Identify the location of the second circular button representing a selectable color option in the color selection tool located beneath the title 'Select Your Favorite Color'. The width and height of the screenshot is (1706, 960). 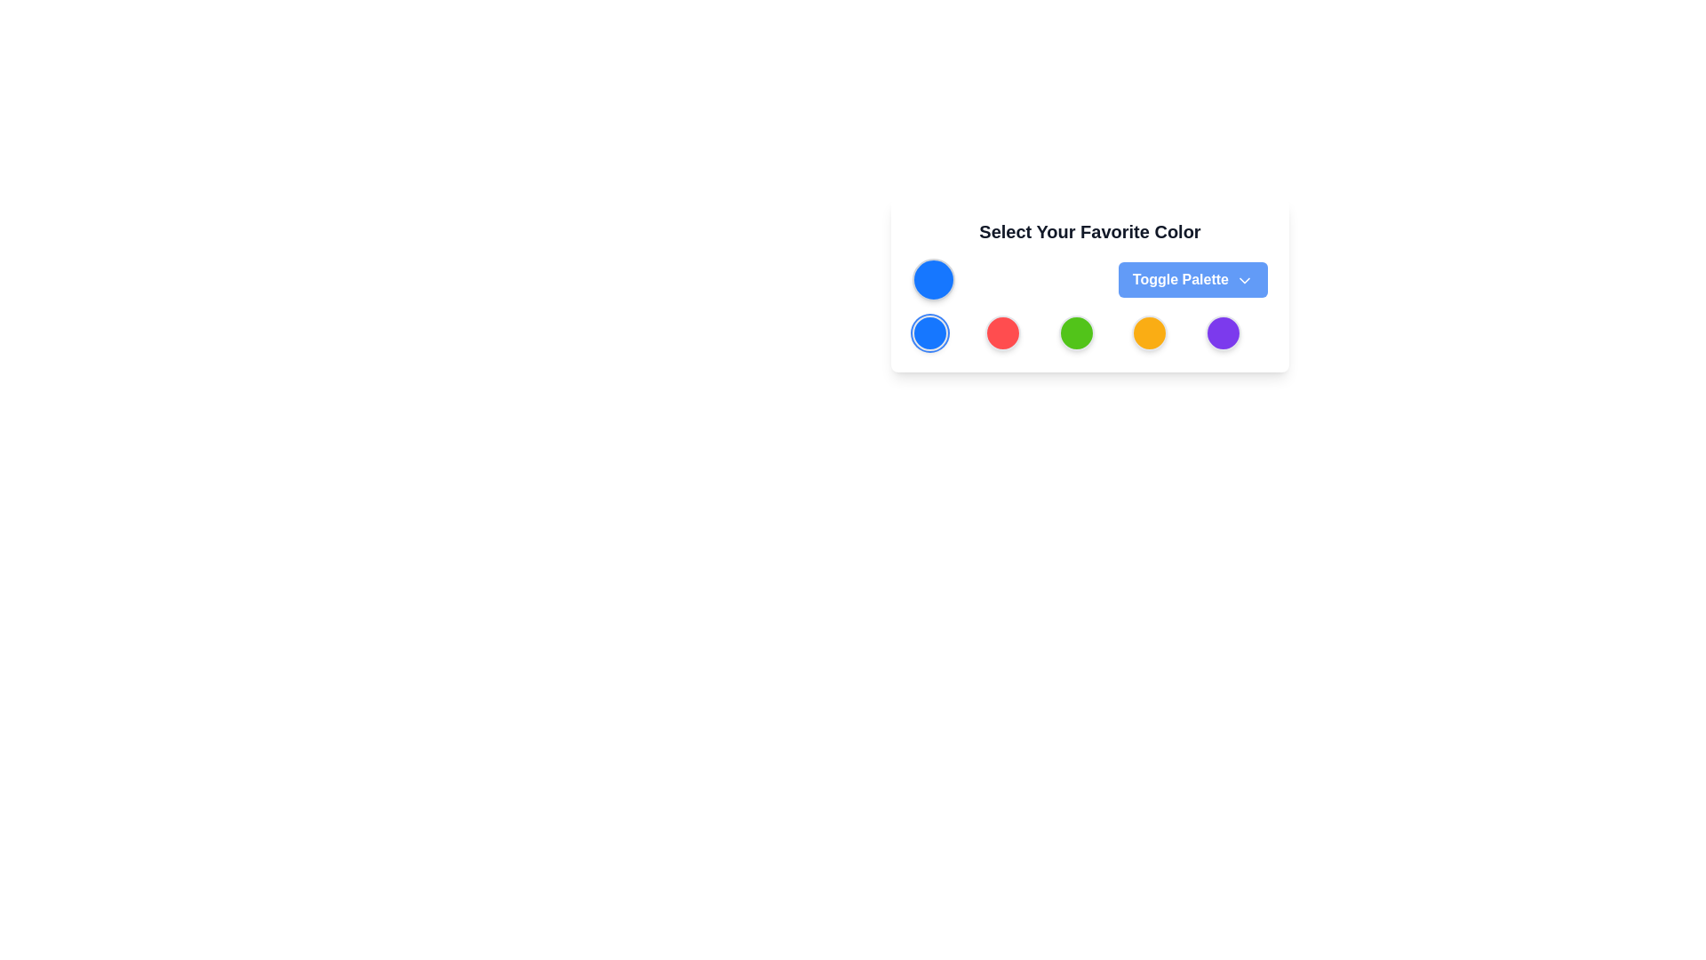
(1003, 332).